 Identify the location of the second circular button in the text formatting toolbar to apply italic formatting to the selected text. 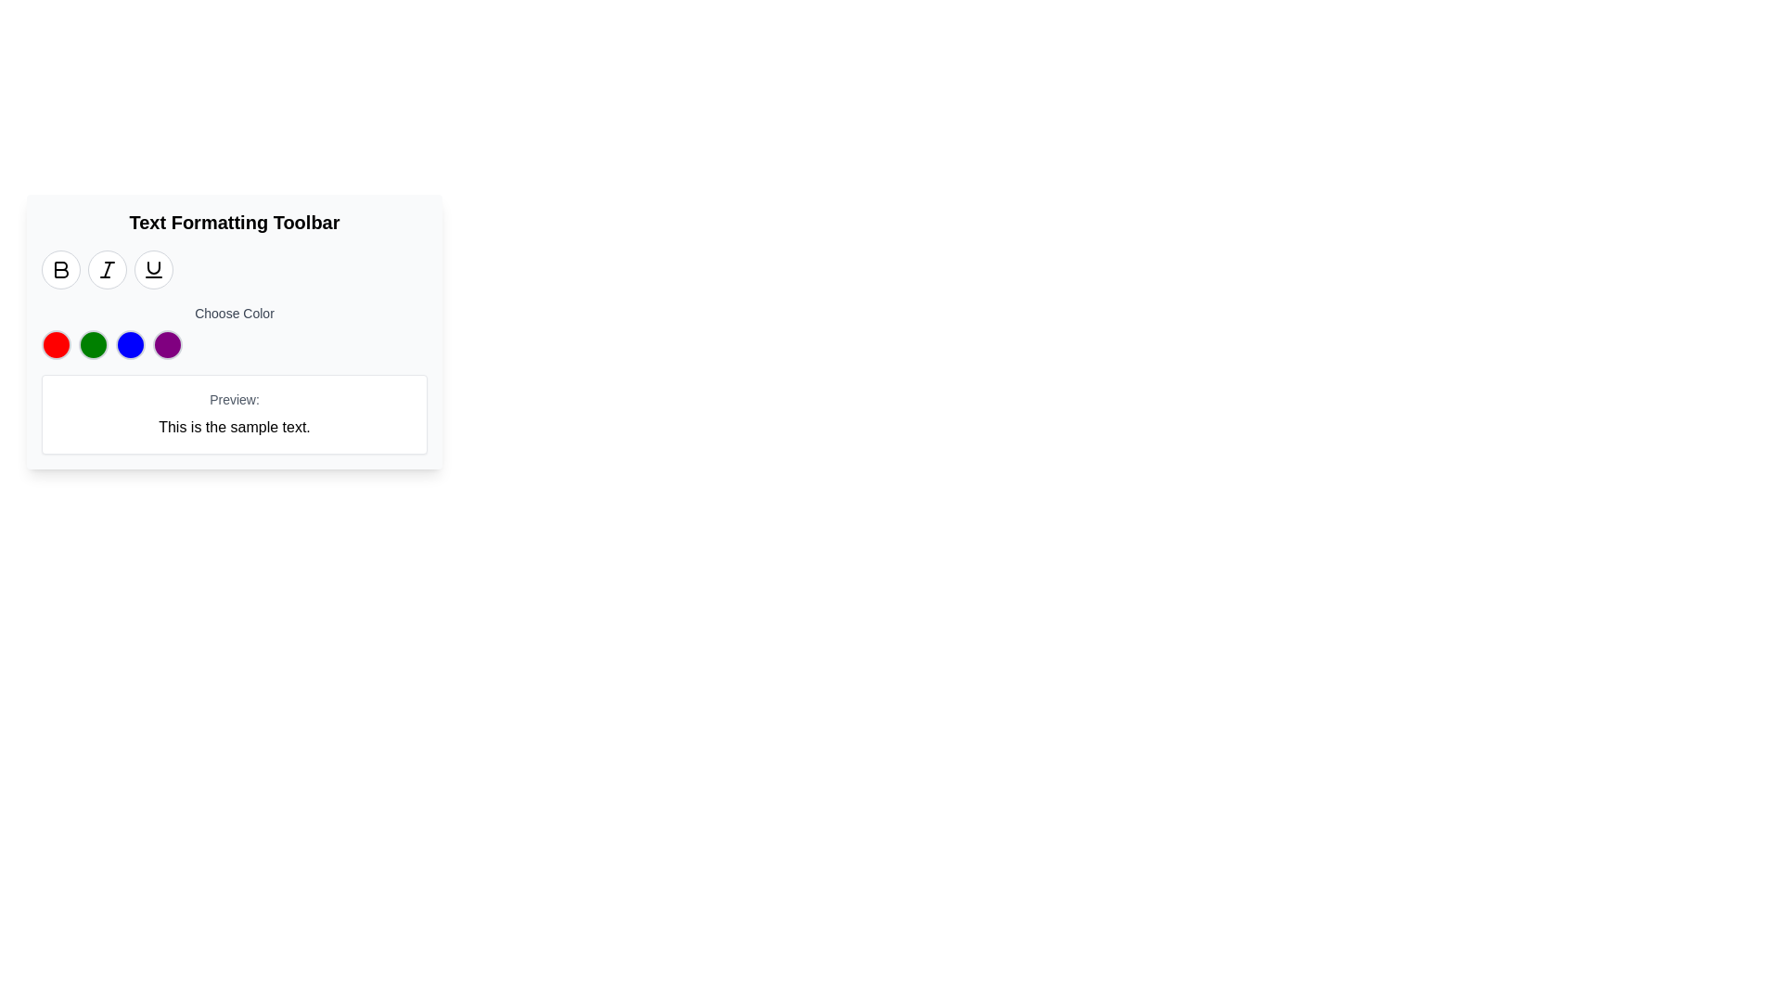
(106, 269).